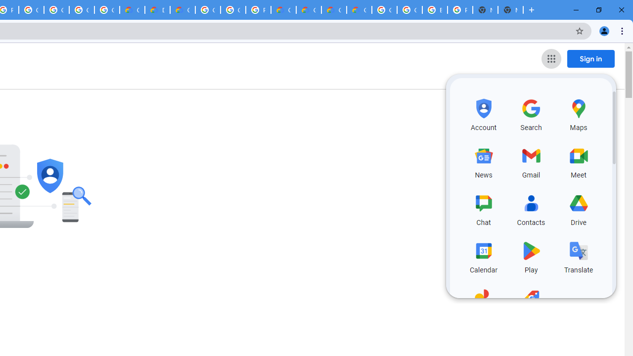 The height and width of the screenshot is (356, 633). Describe the element at coordinates (579, 30) in the screenshot. I see `'Bookmark this tab'` at that location.